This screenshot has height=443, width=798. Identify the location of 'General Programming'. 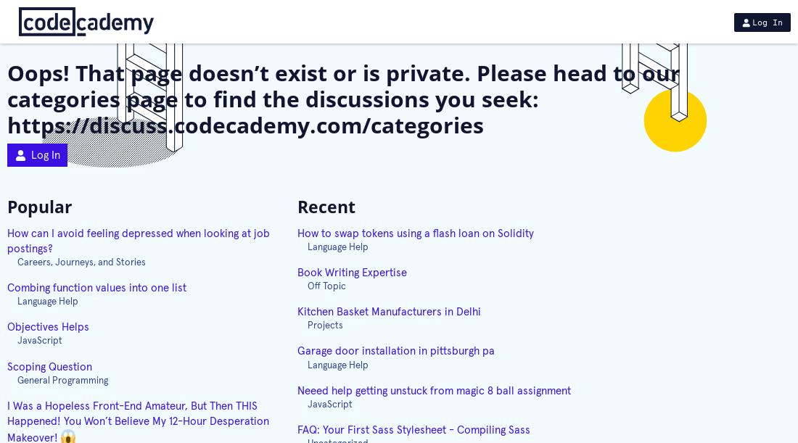
(62, 380).